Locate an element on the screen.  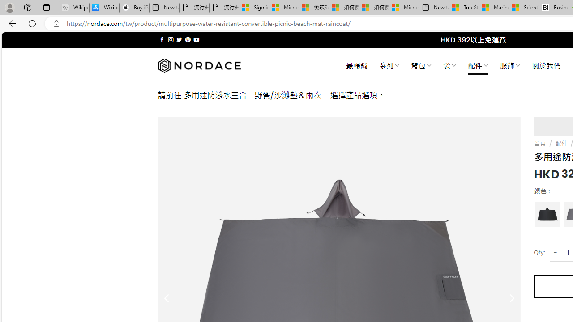
'Follow on Twitter' is located at coordinates (179, 39).